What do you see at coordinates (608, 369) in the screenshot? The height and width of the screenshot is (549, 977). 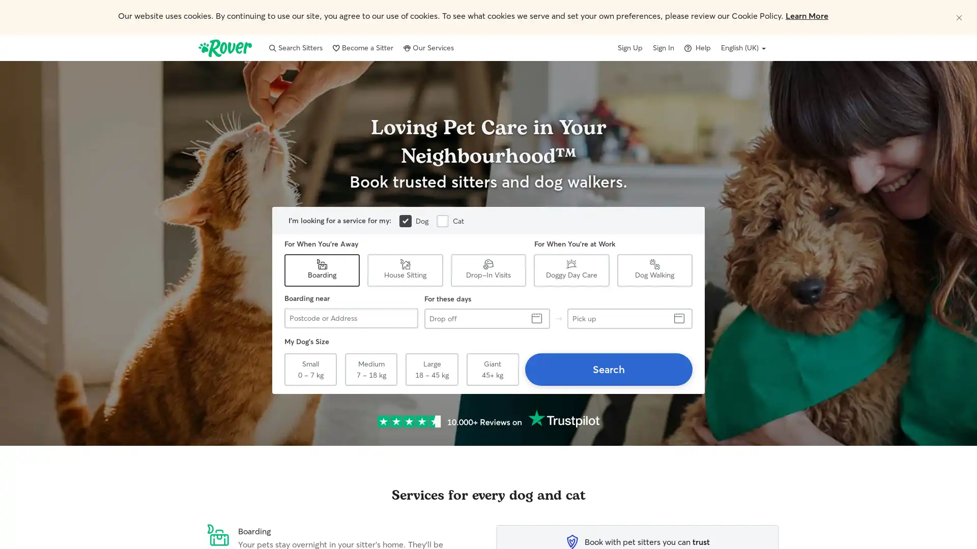 I see `Search` at bounding box center [608, 369].